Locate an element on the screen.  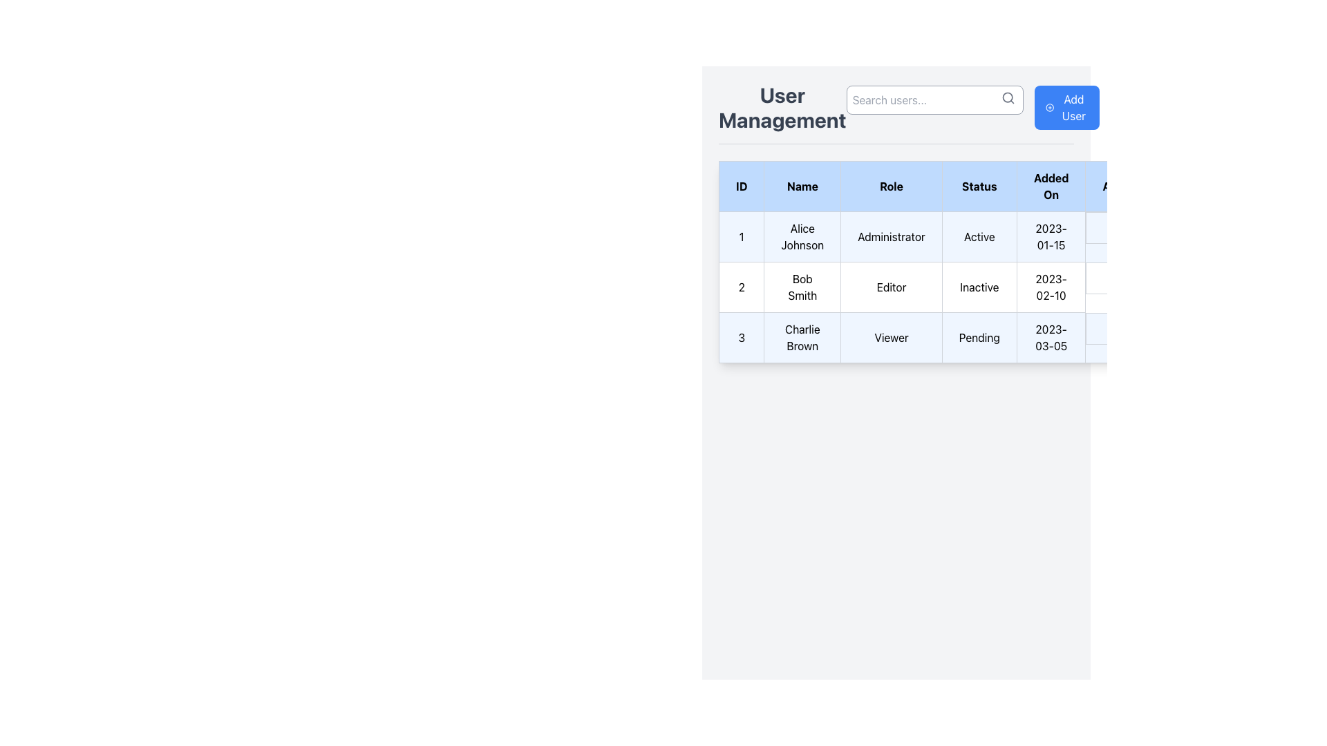
the static text element displaying 'Administrator' in the Role column of the table for the entry 'Alice Johnson' is located at coordinates (892, 236).